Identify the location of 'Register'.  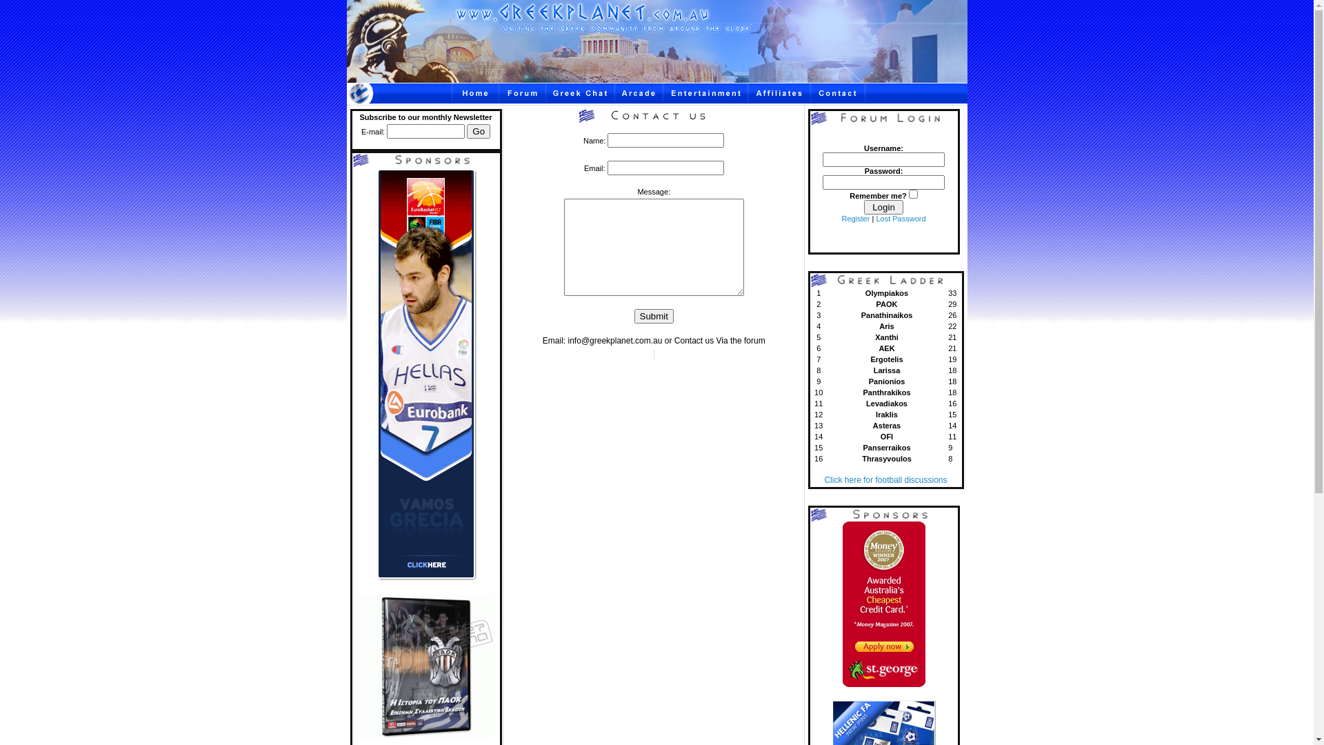
(840, 217).